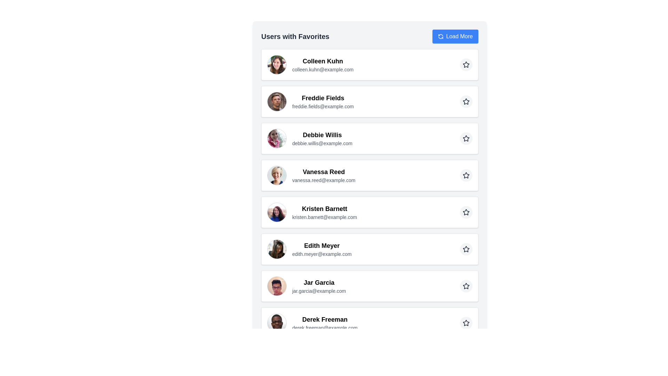  Describe the element at coordinates (321, 249) in the screenshot. I see `the text display showing 'Edith Meyer' to trigger any associated tooltips` at that location.